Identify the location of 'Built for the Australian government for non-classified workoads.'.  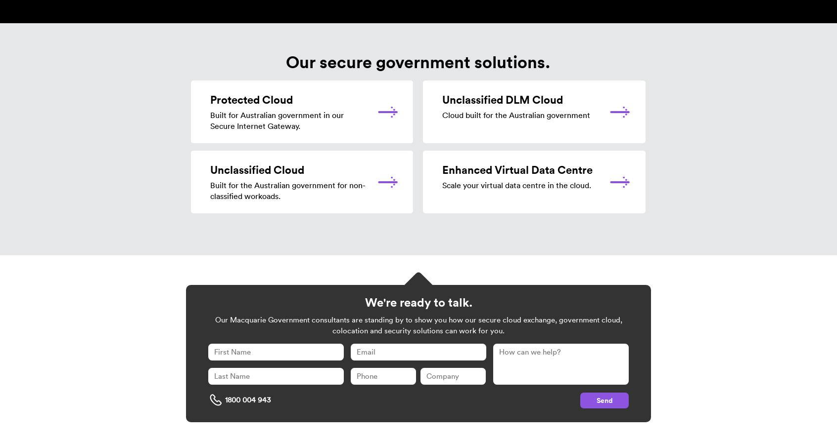
(287, 191).